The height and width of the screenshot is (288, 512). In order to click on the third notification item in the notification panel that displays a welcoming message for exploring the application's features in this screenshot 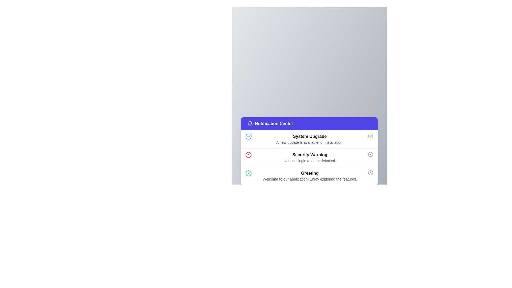, I will do `click(309, 176)`.